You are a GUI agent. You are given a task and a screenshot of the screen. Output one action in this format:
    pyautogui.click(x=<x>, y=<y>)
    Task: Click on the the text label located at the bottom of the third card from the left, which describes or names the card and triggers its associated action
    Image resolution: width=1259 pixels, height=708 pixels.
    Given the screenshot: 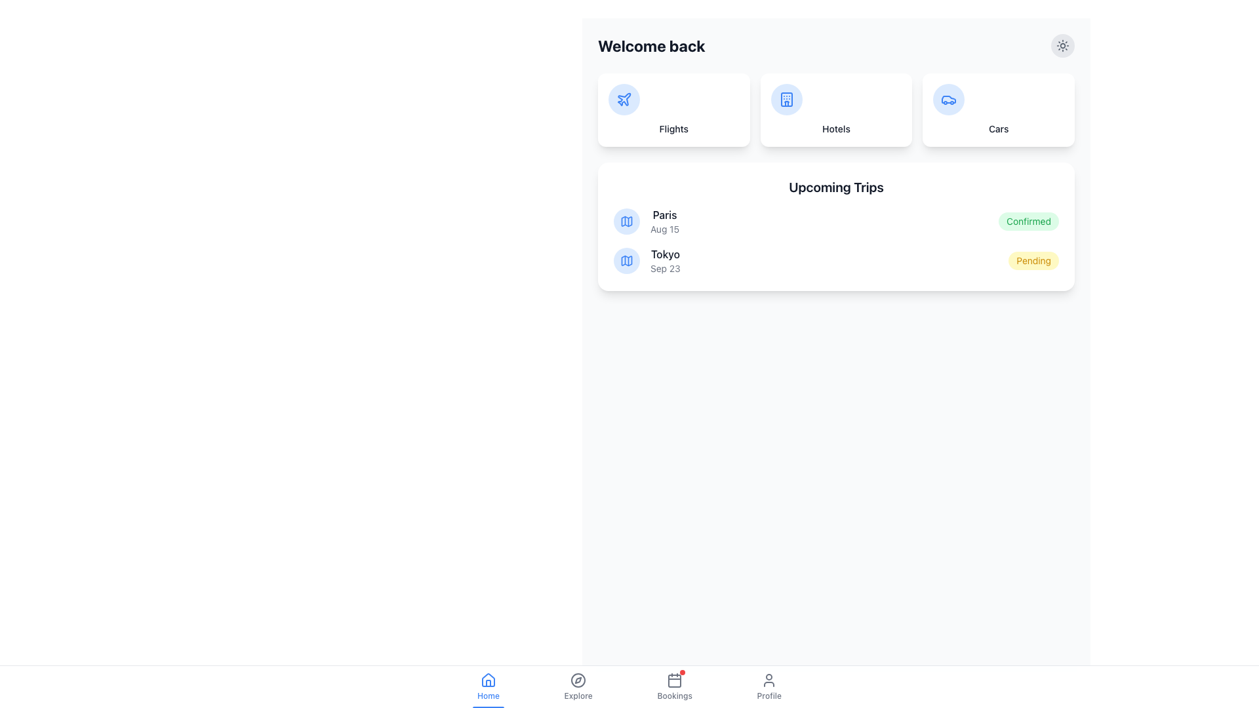 What is the action you would take?
    pyautogui.click(x=998, y=128)
    